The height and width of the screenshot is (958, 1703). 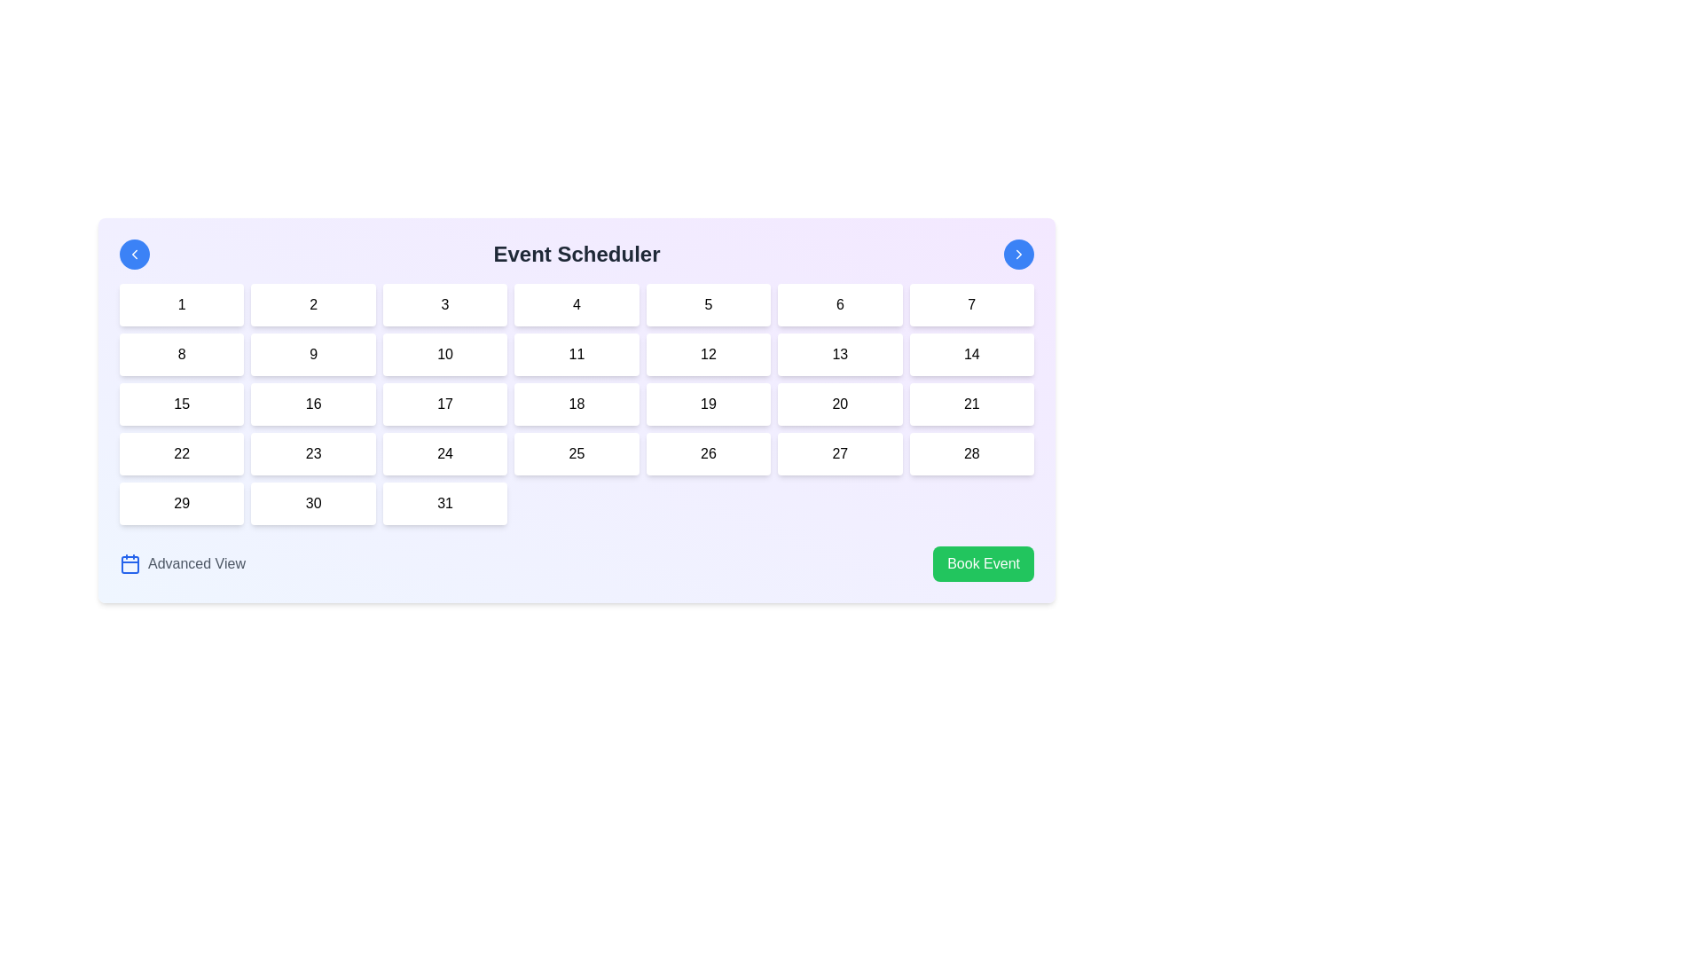 What do you see at coordinates (134, 254) in the screenshot?
I see `the leftward arrow icon inside the circular blue button at the top-left corner of the event scheduler interface` at bounding box center [134, 254].